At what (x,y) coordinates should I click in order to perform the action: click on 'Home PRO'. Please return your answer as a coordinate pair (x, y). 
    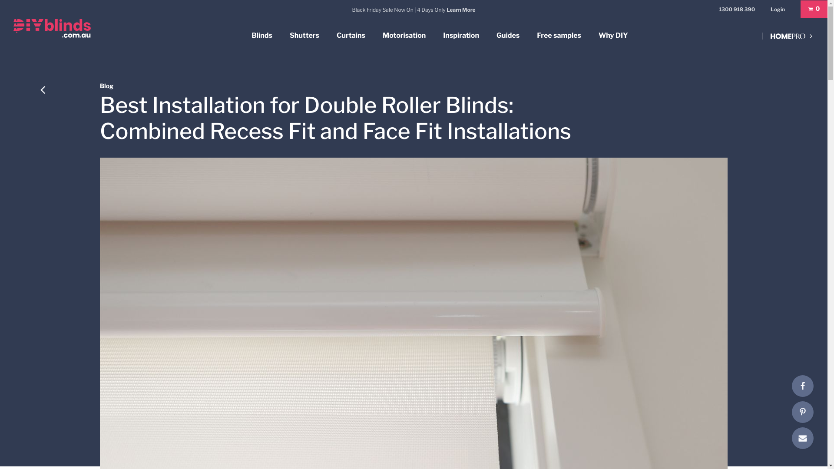
    Looking at the image, I should click on (788, 36).